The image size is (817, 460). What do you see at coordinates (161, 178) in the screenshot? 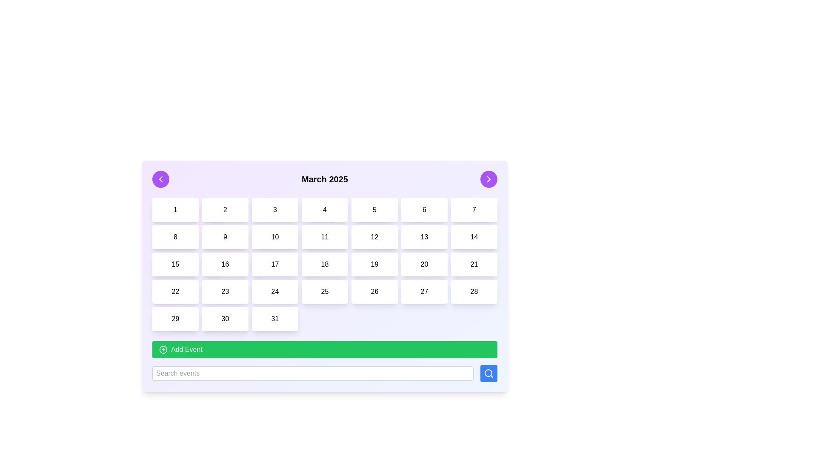
I see `the circular button with a purple background and white left-pointing arrow icon, located at the top-left corner of the calendar header before the 'March 2025' text` at bounding box center [161, 178].